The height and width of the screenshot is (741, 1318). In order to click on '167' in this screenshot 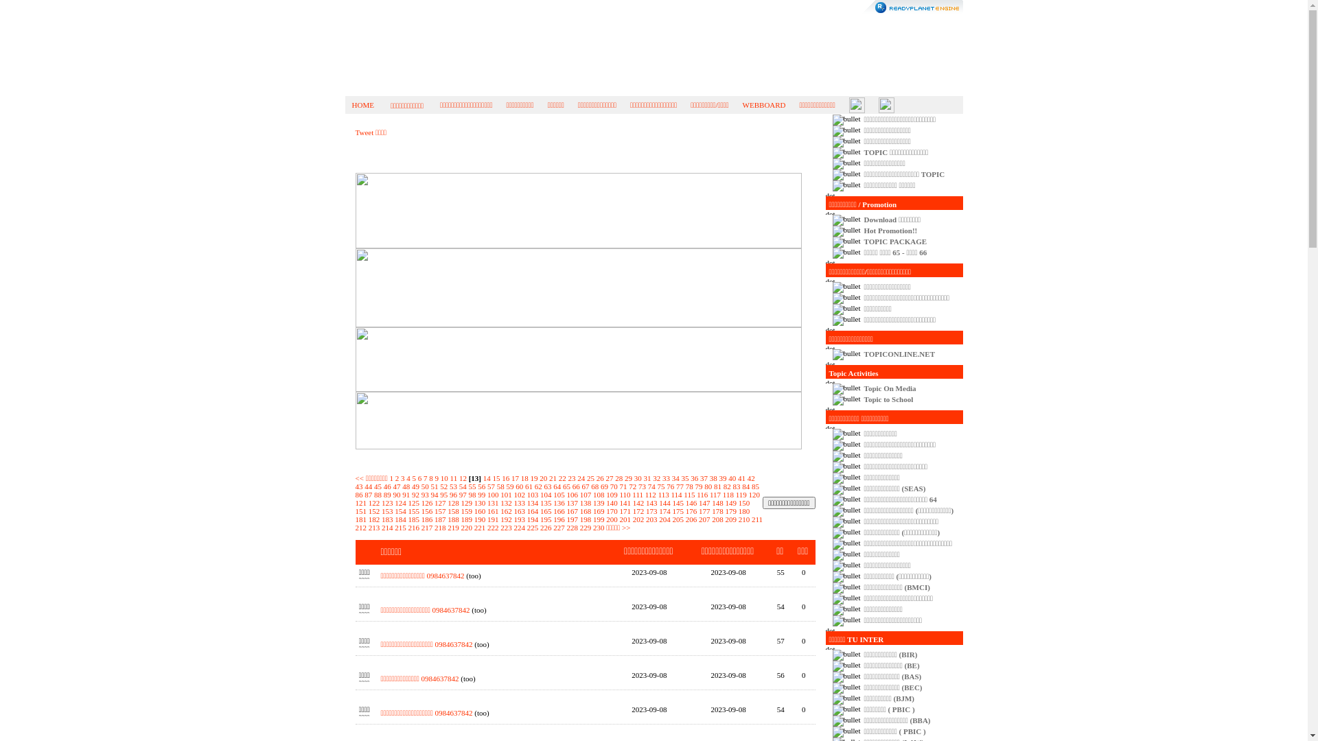, I will do `click(573, 510)`.